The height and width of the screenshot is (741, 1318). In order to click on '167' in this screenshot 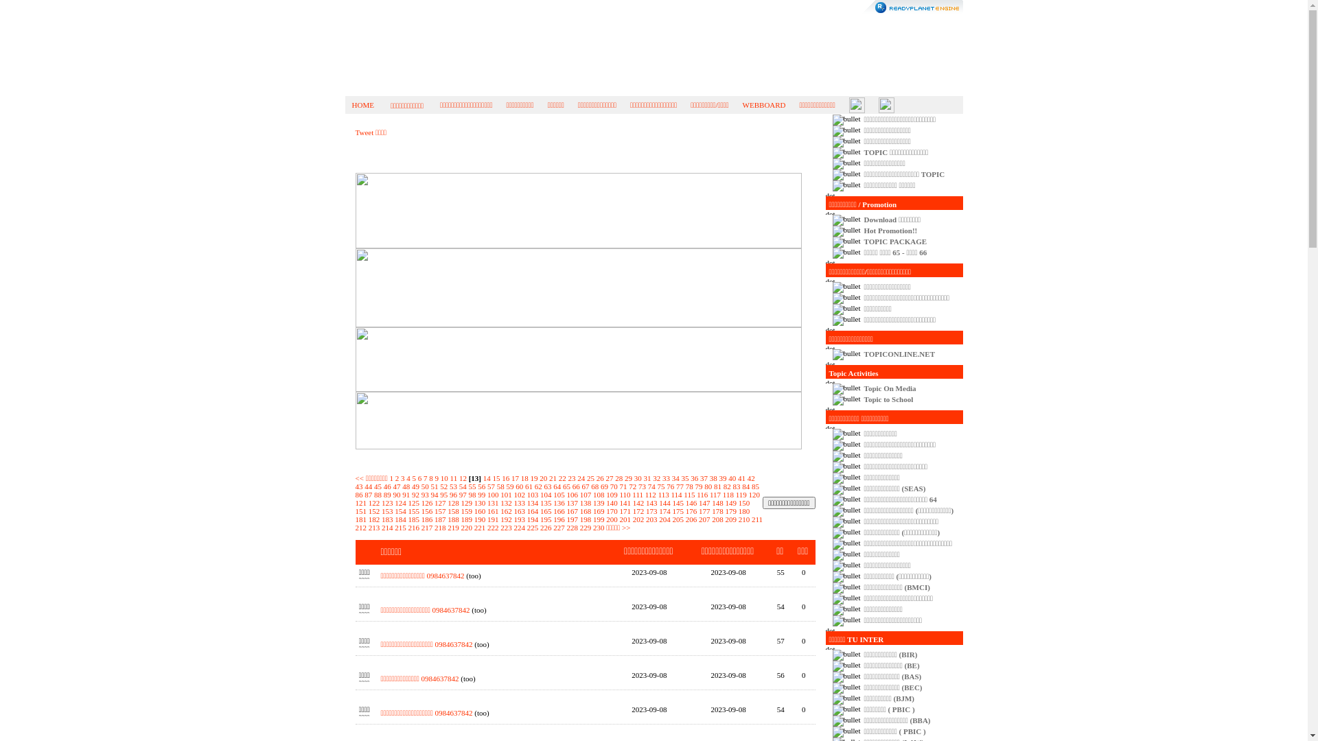, I will do `click(573, 510)`.